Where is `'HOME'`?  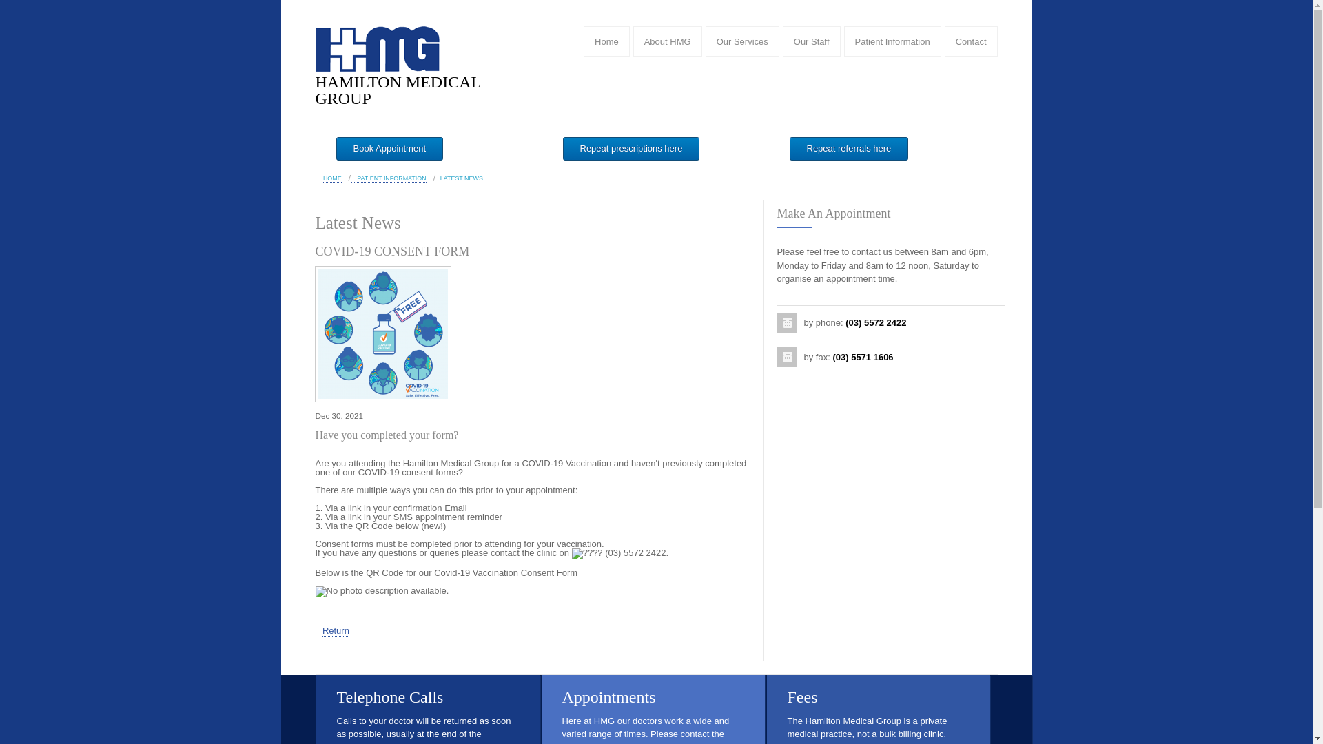 'HOME' is located at coordinates (332, 178).